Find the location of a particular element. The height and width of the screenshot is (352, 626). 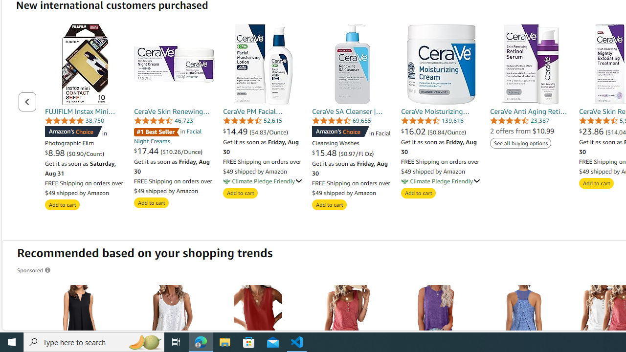

'$8.98 ' is located at coordinates (55, 153).